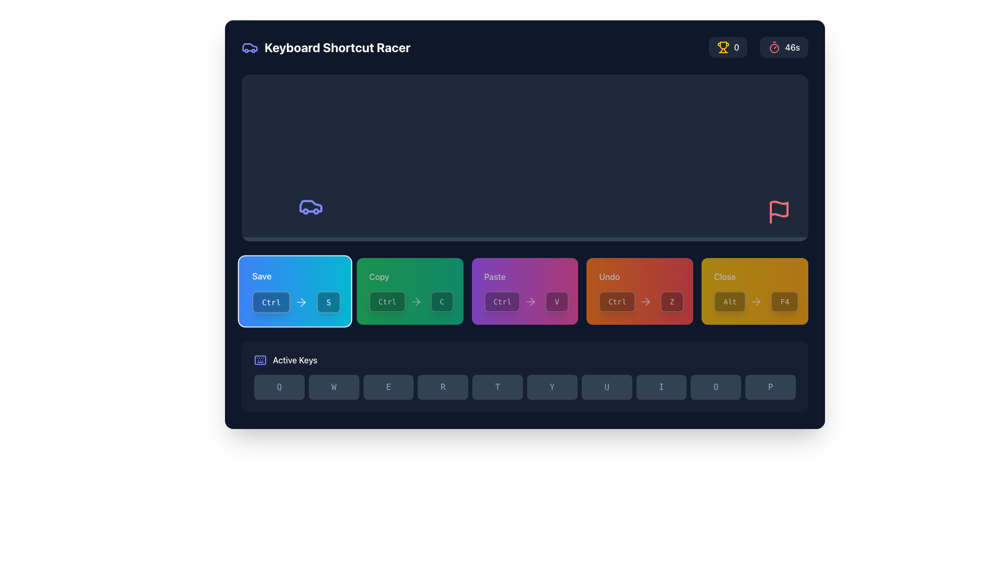  I want to click on text element displaying 'Keyboard Shortcut Racer' styled in bold, white font, located to the right of a car icon in the top-left section of the interface, so click(337, 47).